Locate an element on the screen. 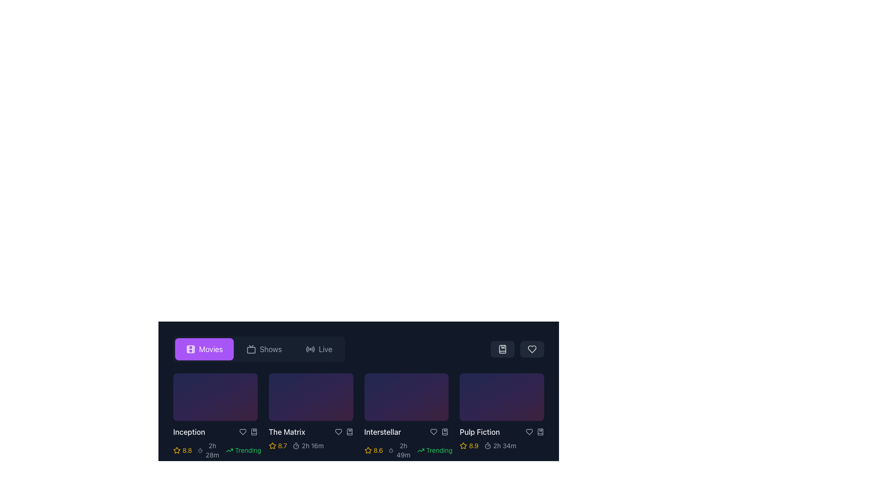  the central circular SVG element of the stopwatch icon located in the top-right corner of the interface is located at coordinates (296, 446).